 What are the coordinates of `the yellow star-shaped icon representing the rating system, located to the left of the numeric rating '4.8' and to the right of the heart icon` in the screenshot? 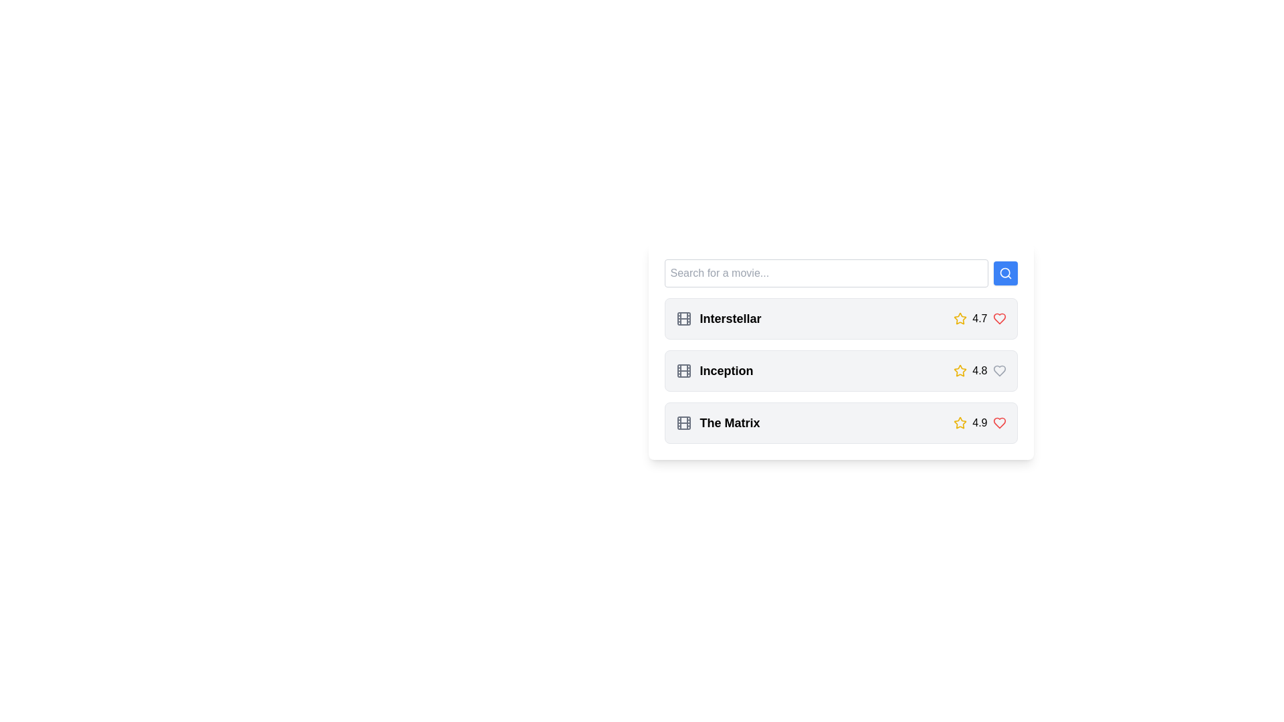 It's located at (960, 371).